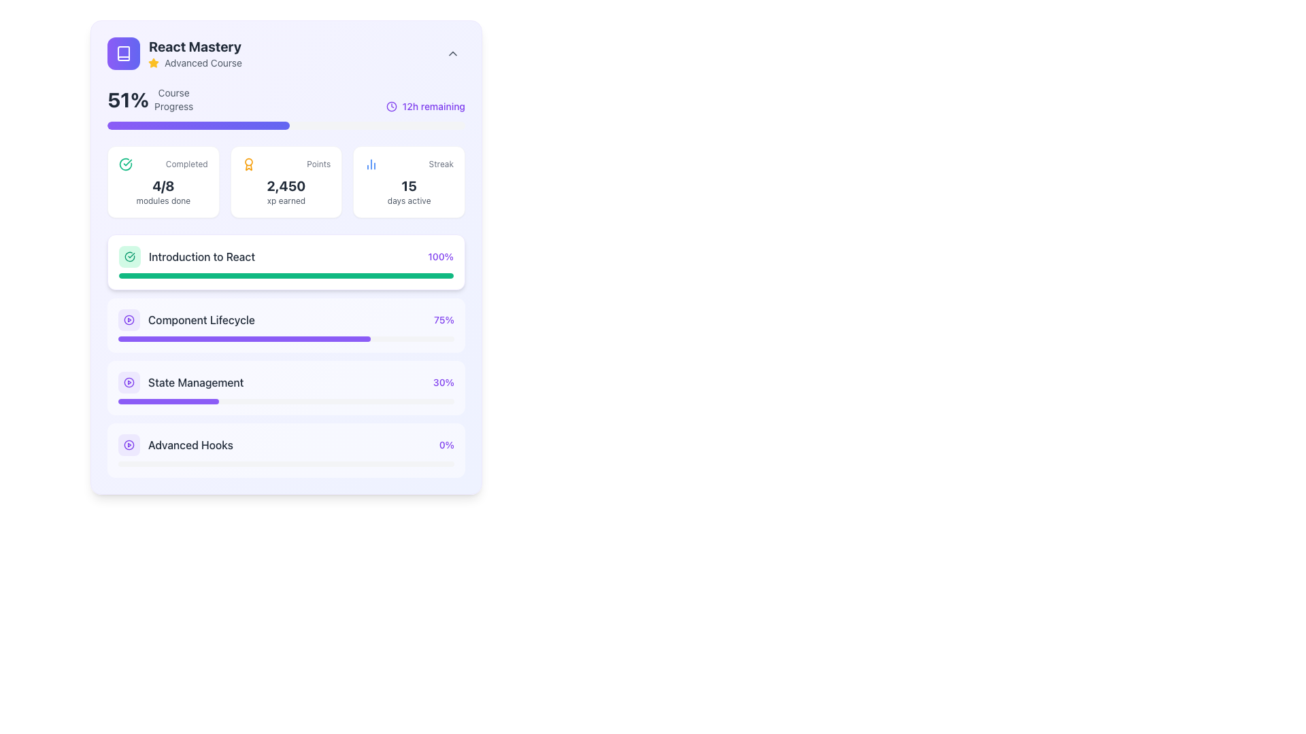 Image resolution: width=1306 pixels, height=734 pixels. What do you see at coordinates (286, 275) in the screenshot?
I see `the progress bar styled with a gray background and a green completion indicator, located within the 'Introduction to React' card, beneath the '100%' completion percentage text` at bounding box center [286, 275].